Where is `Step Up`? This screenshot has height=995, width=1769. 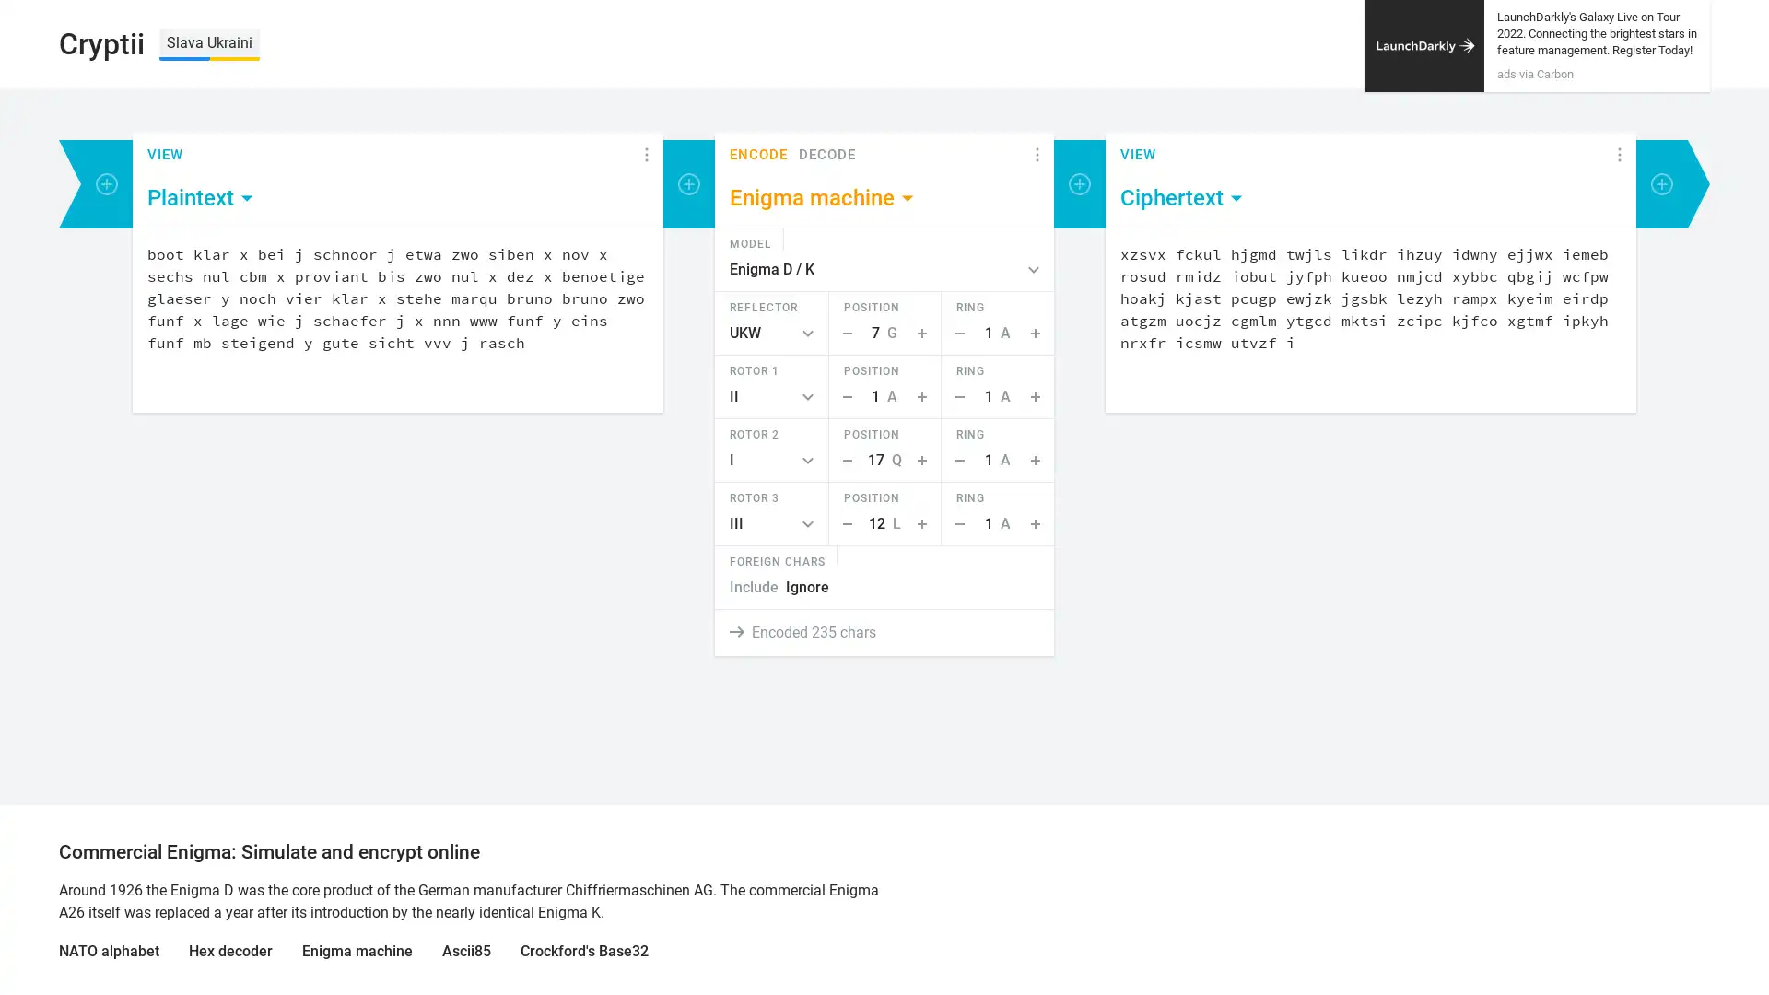 Step Up is located at coordinates (925, 524).